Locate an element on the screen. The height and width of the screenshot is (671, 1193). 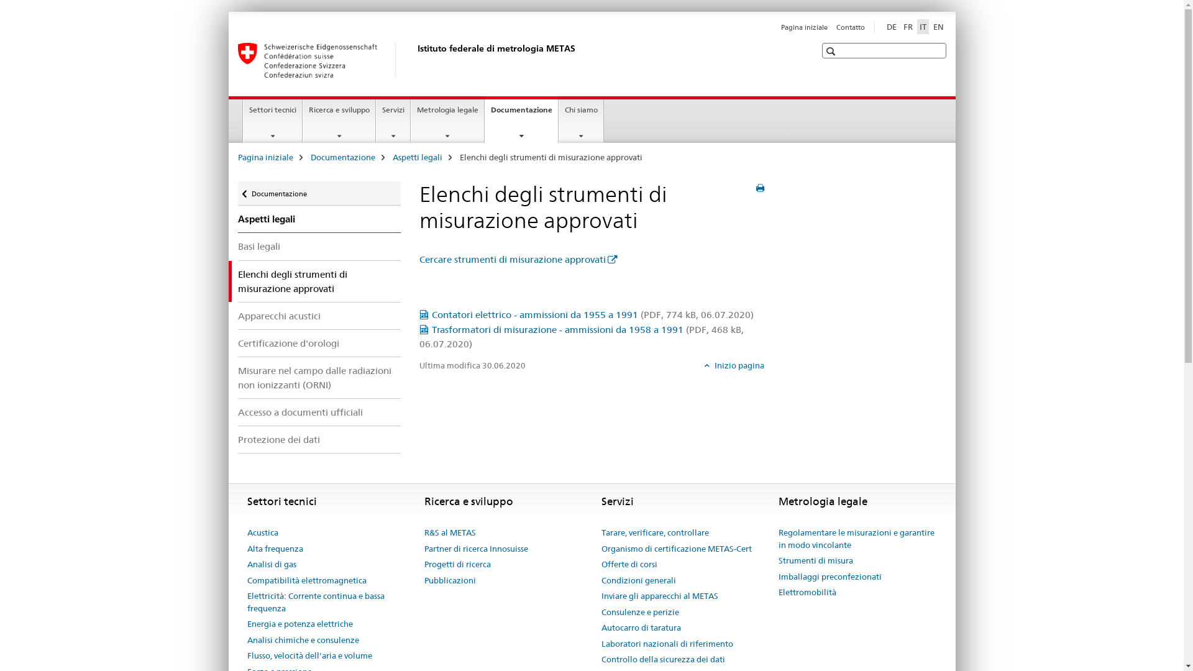
'Strumenti di misura' is located at coordinates (815, 560).